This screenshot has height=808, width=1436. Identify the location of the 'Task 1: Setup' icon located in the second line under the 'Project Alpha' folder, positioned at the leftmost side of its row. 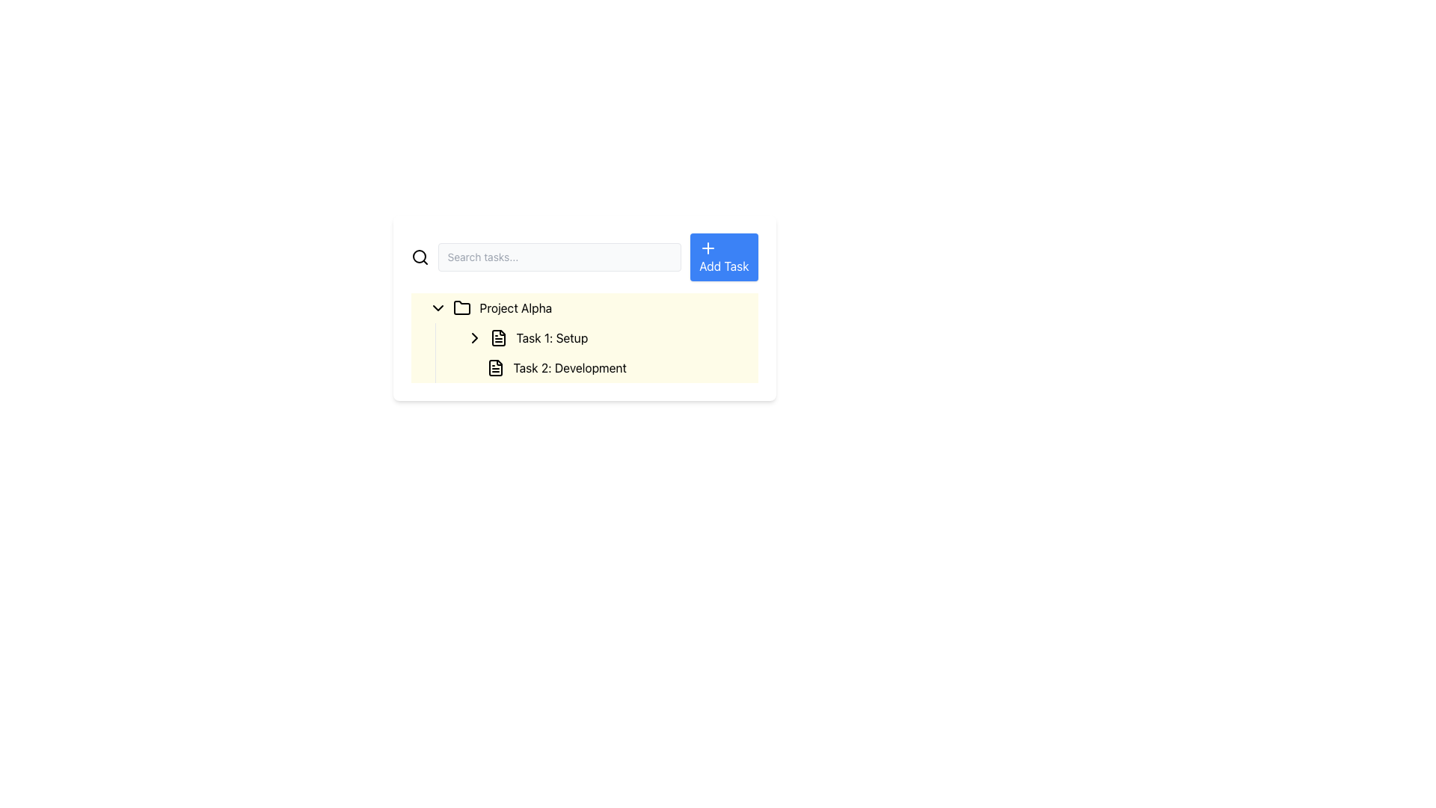
(498, 337).